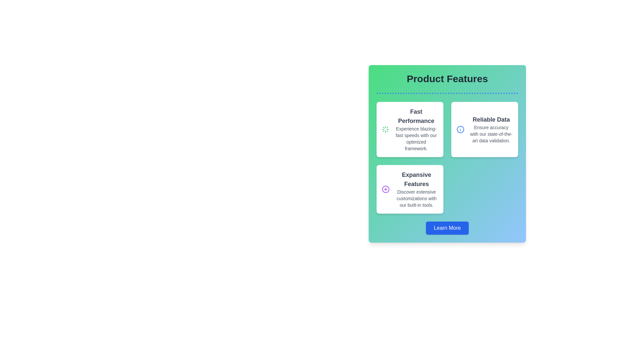  Describe the element at coordinates (447, 228) in the screenshot. I see `the 'Learn More' button located at the bottom center of the 'Product Features' card` at that location.